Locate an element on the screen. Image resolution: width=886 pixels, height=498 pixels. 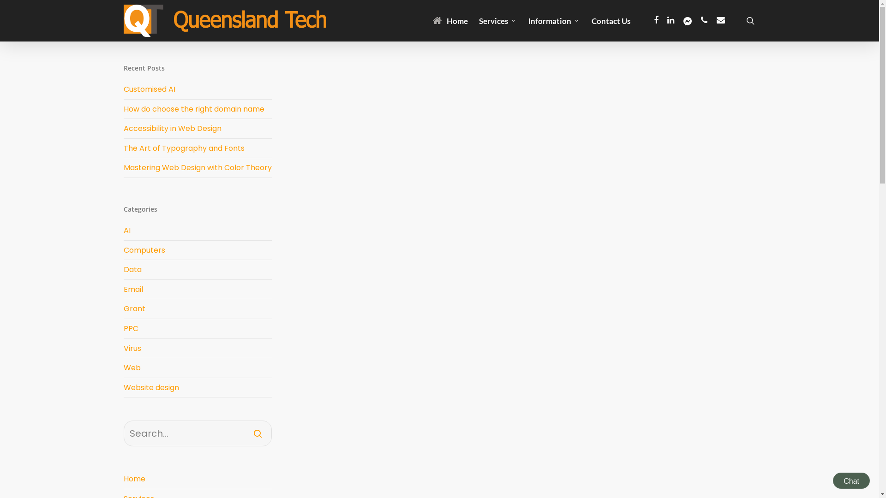
'Customised AI' is located at coordinates (150, 89).